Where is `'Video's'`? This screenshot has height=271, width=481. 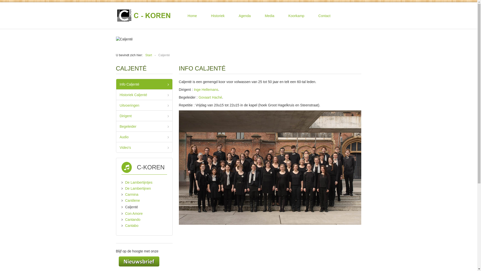 'Video's' is located at coordinates (116, 147).